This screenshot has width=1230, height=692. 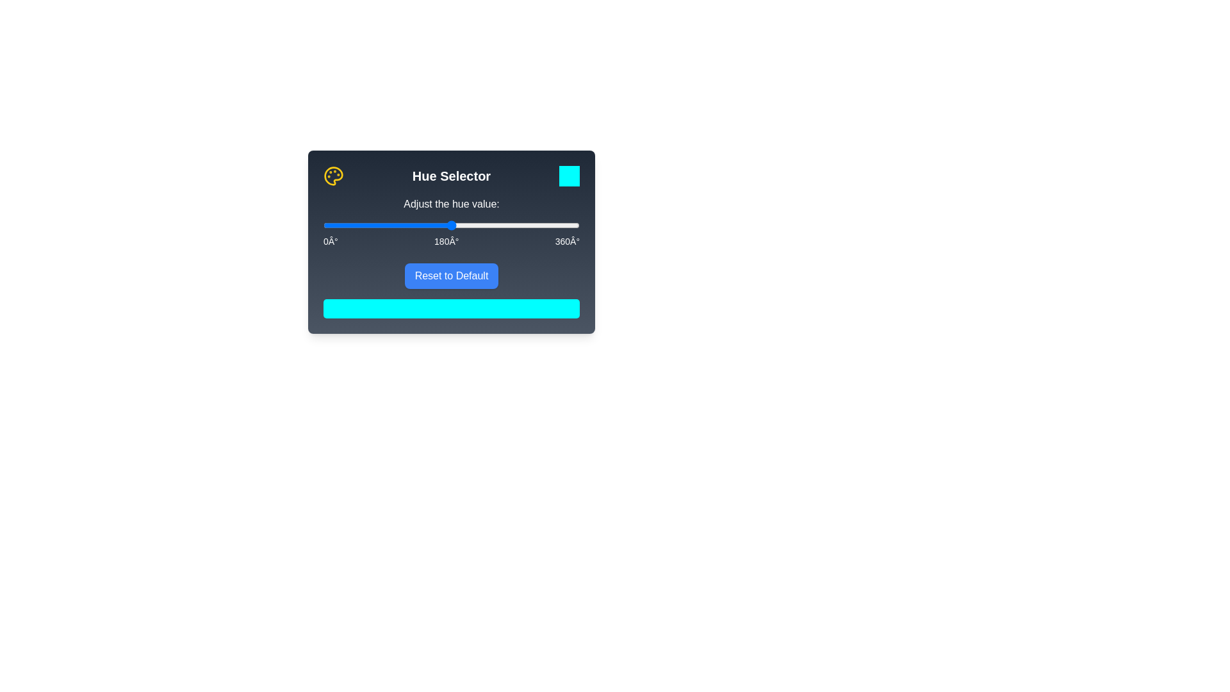 I want to click on the hue slider to 53°, so click(x=360, y=224).